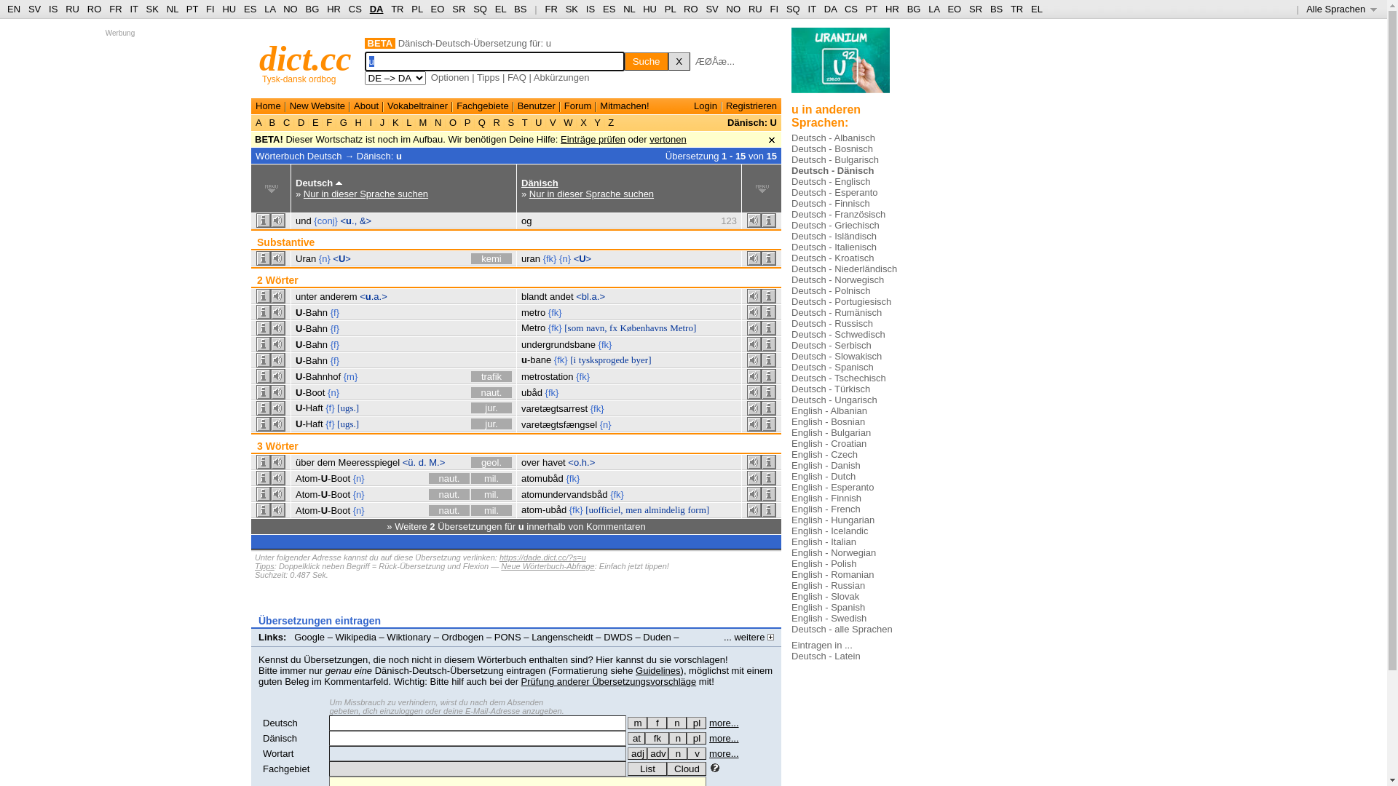  What do you see at coordinates (428, 462) in the screenshot?
I see `'M.>'` at bounding box center [428, 462].